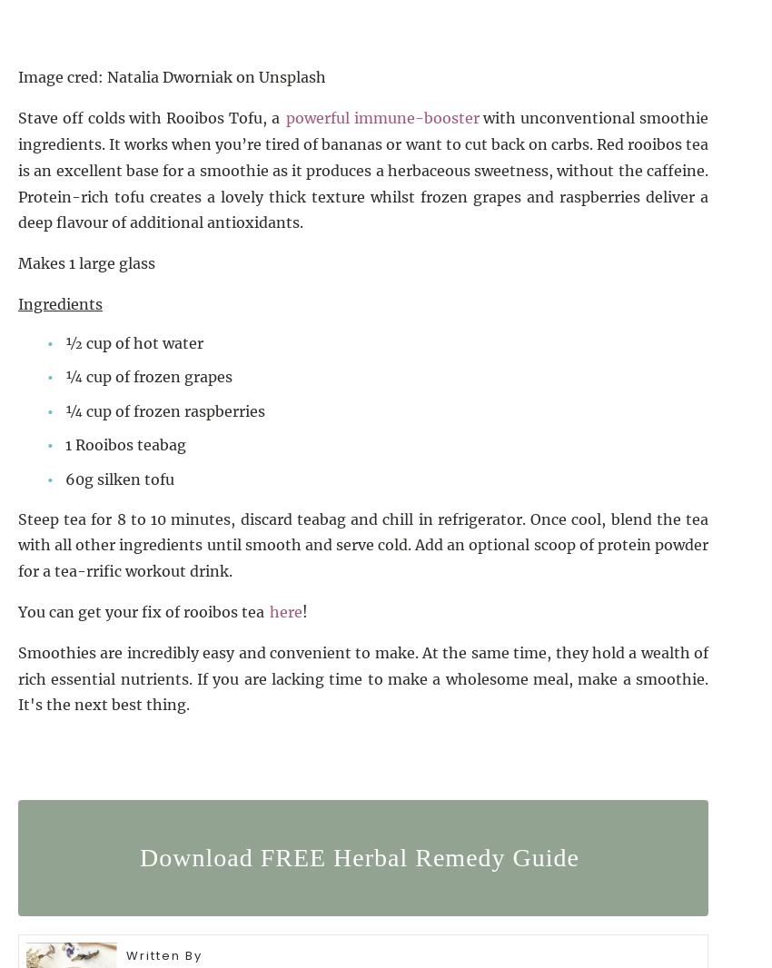  Describe the element at coordinates (148, 376) in the screenshot. I see `'¼ cup of frozen grapes'` at that location.